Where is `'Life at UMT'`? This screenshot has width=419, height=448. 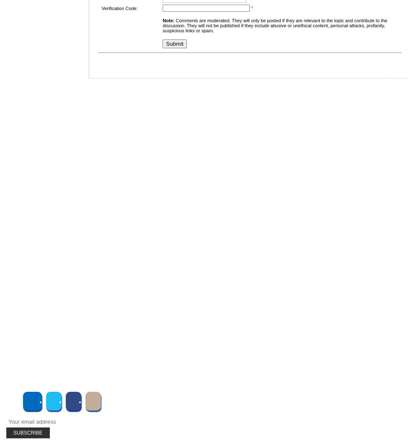 'Life at UMT' is located at coordinates (43, 279).